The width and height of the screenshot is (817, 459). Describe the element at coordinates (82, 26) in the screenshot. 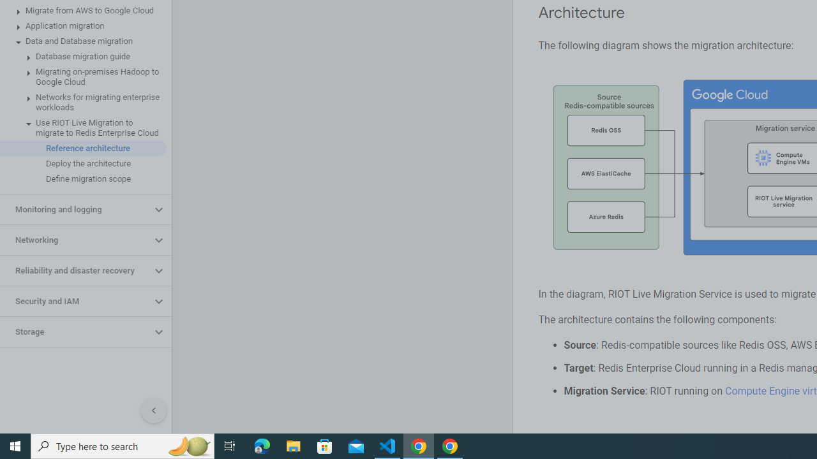

I see `'Application migration'` at that location.